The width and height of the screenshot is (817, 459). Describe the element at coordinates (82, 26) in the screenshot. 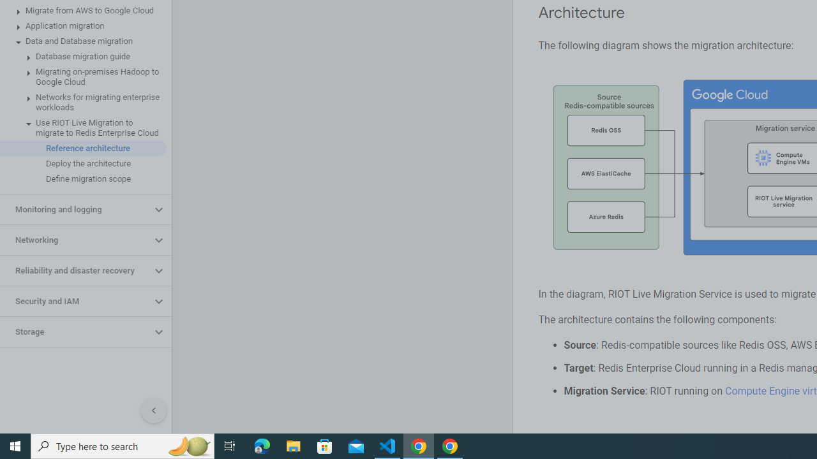

I see `'Application migration'` at that location.